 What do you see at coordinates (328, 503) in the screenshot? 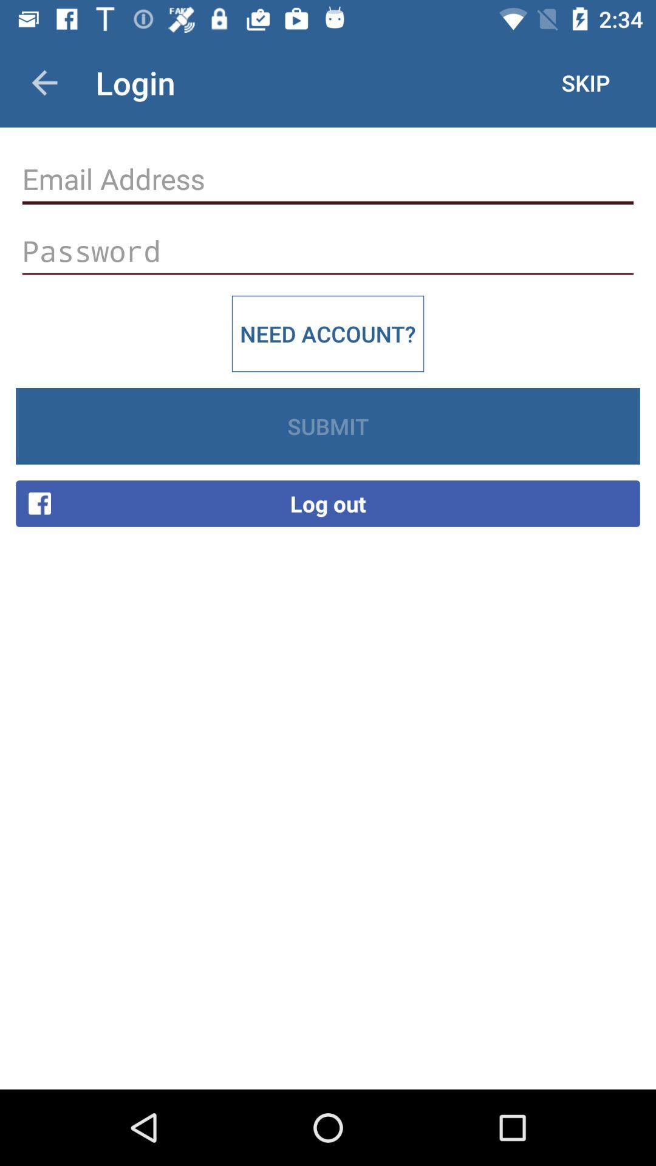
I see `the log out icon` at bounding box center [328, 503].